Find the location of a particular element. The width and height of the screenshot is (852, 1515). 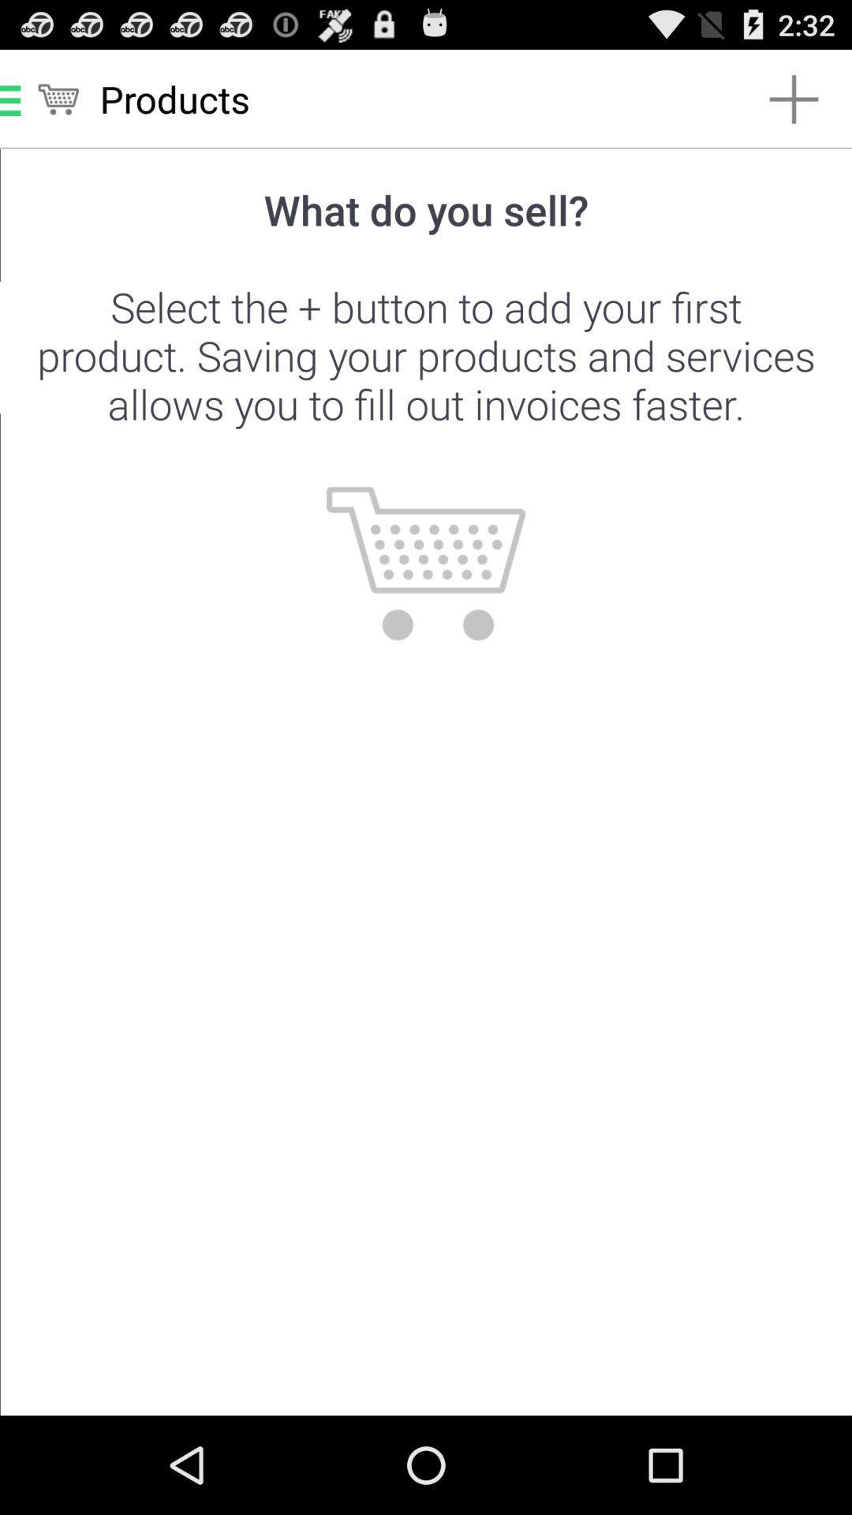

the cart symbol at top left corner of the page is located at coordinates (57, 98).